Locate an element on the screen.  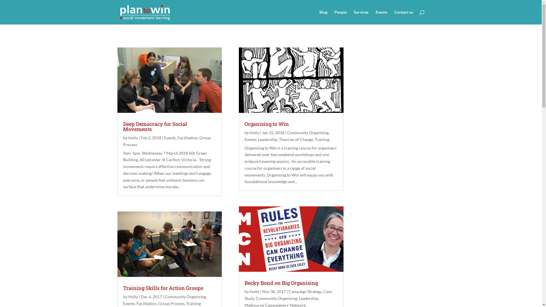
'People' is located at coordinates (340, 17).